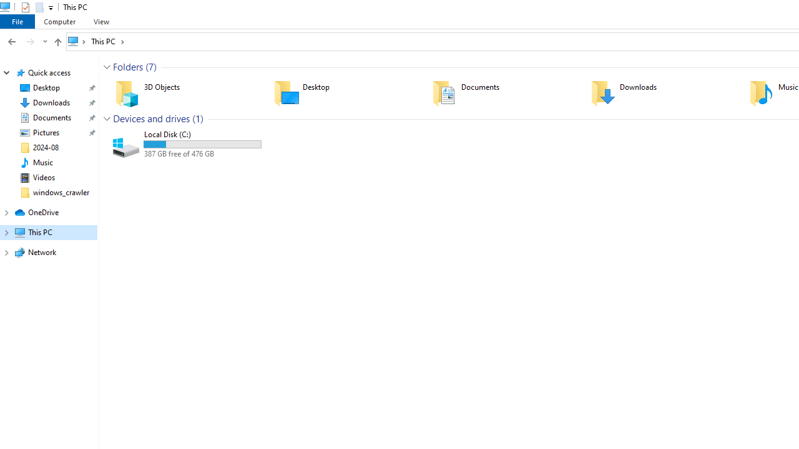 The width and height of the screenshot is (799, 449). Describe the element at coordinates (12, 41) in the screenshot. I see `'Back to Network (Alt + Left Arrow)'` at that location.